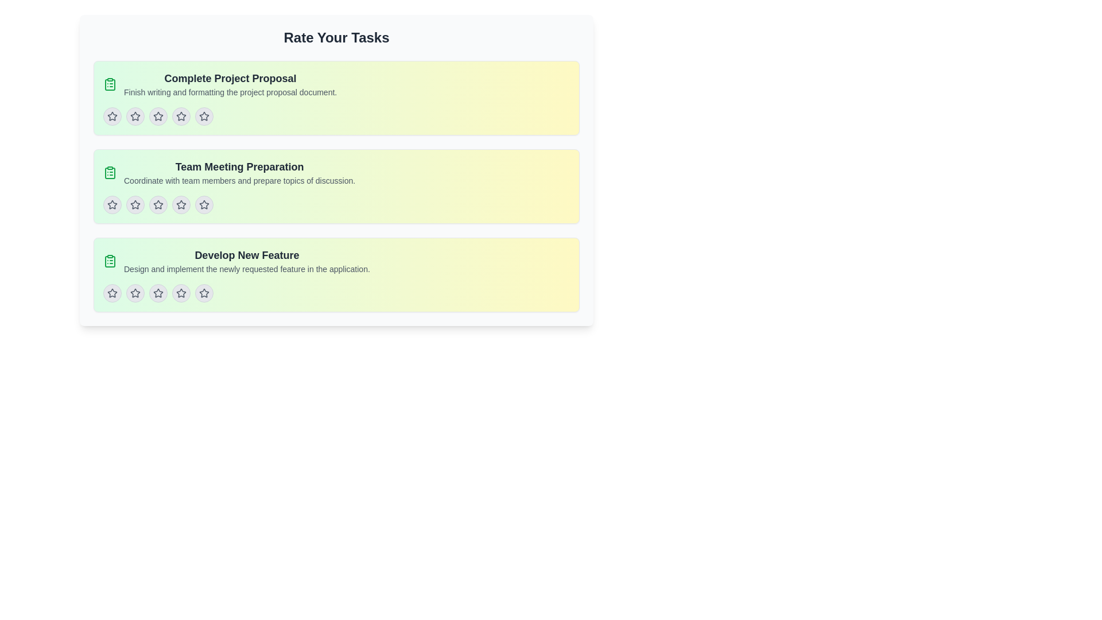 The image size is (1102, 620). What do you see at coordinates (135, 116) in the screenshot?
I see `the first star icon for rating interaction under the 'Complete Project Proposal' task` at bounding box center [135, 116].